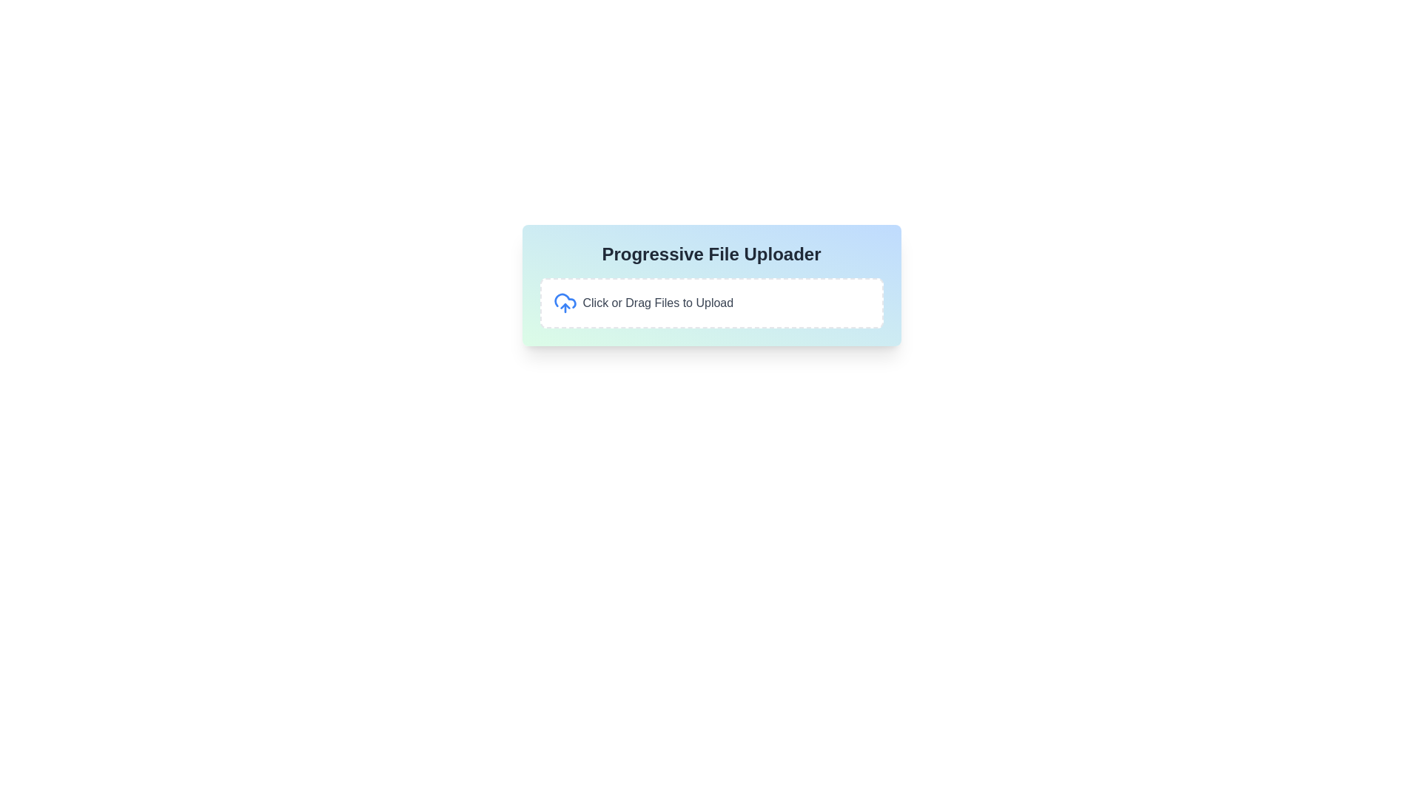  What do you see at coordinates (711, 302) in the screenshot?
I see `the File upload area with a dashed border that contains a cloud icon and the text 'Click or Drag Files to Upload'` at bounding box center [711, 302].